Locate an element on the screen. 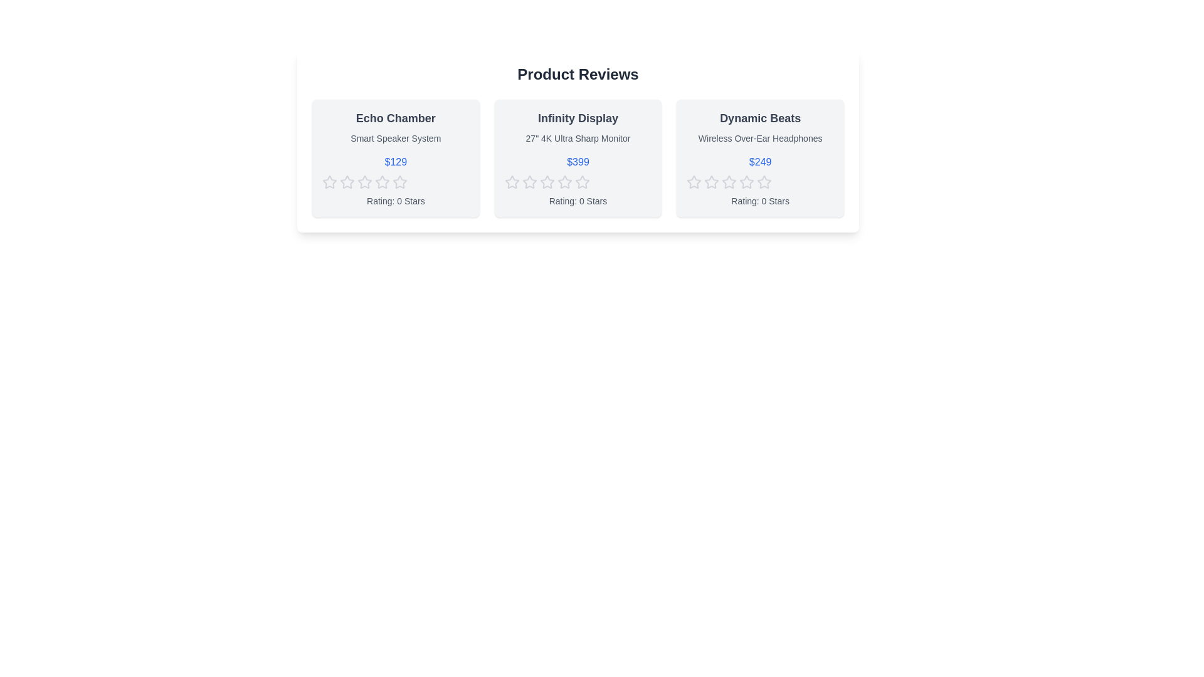  the text label displaying the product name in the upper section of the third product card is located at coordinates (759, 118).